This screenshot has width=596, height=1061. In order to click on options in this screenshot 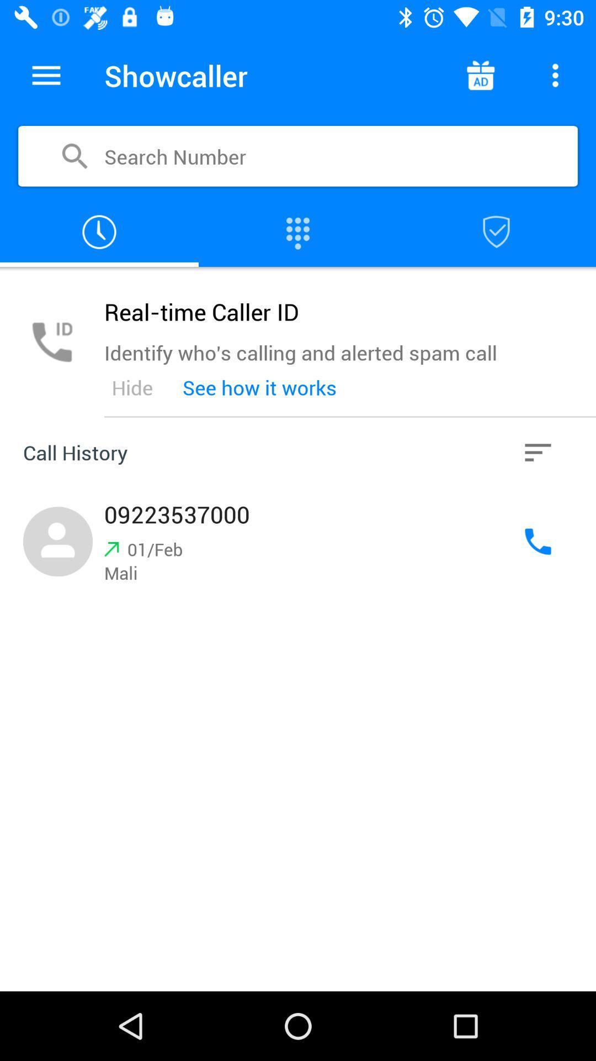, I will do `click(538, 453)`.